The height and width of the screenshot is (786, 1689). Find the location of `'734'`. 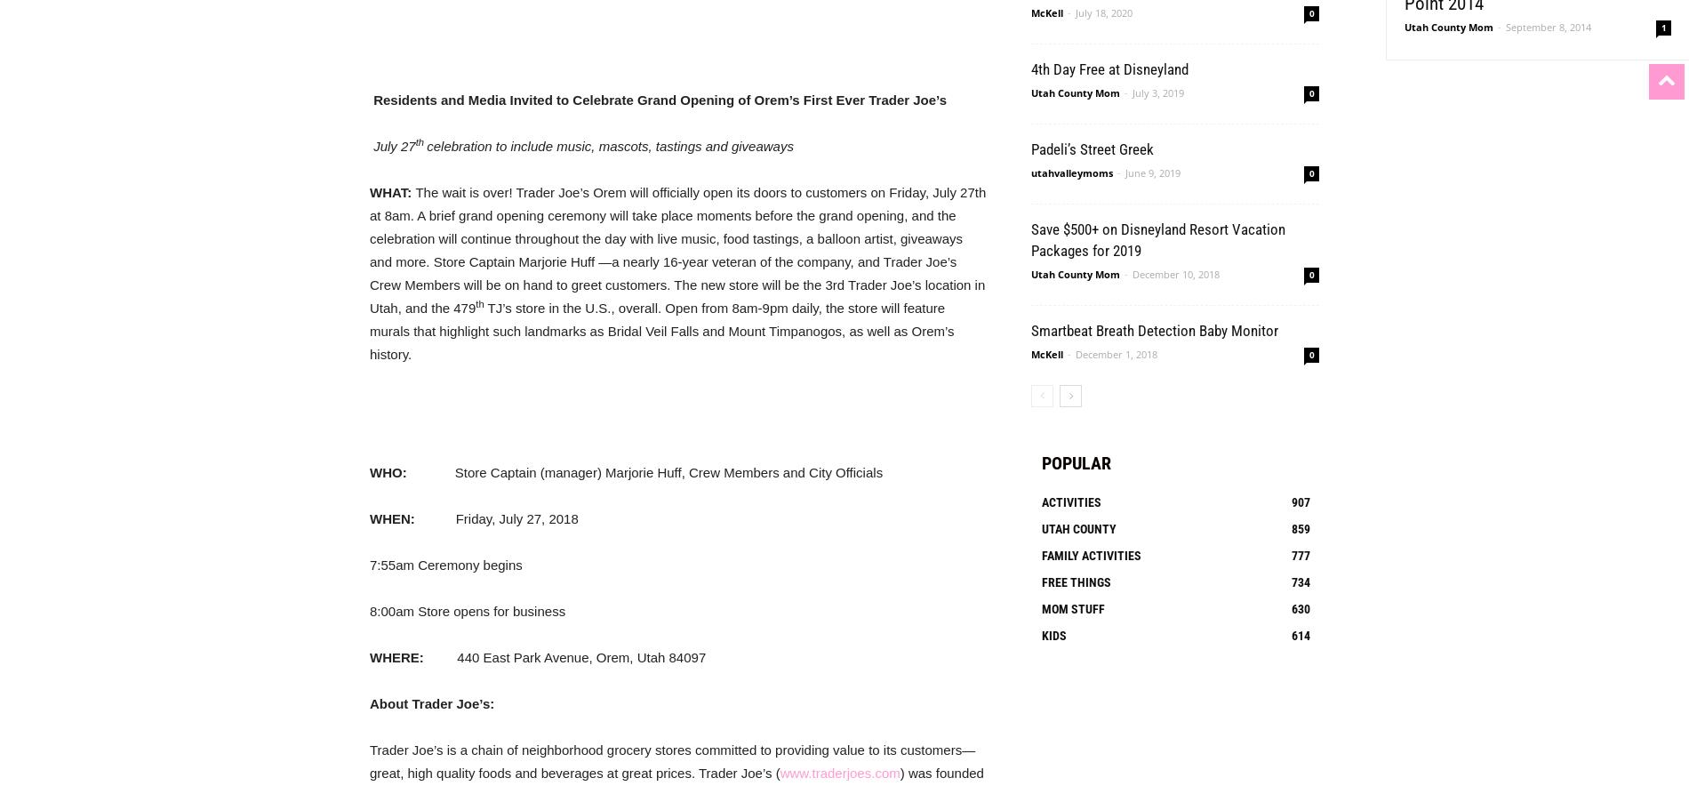

'734' is located at coordinates (1301, 581).